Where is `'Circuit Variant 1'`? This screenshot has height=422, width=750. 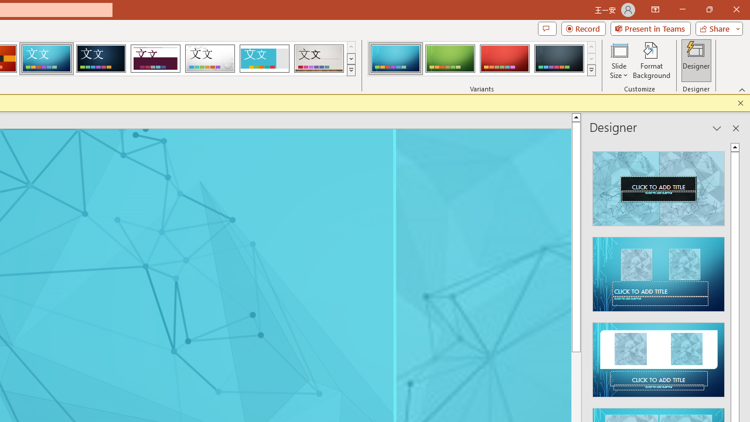
'Circuit Variant 1' is located at coordinates (396, 59).